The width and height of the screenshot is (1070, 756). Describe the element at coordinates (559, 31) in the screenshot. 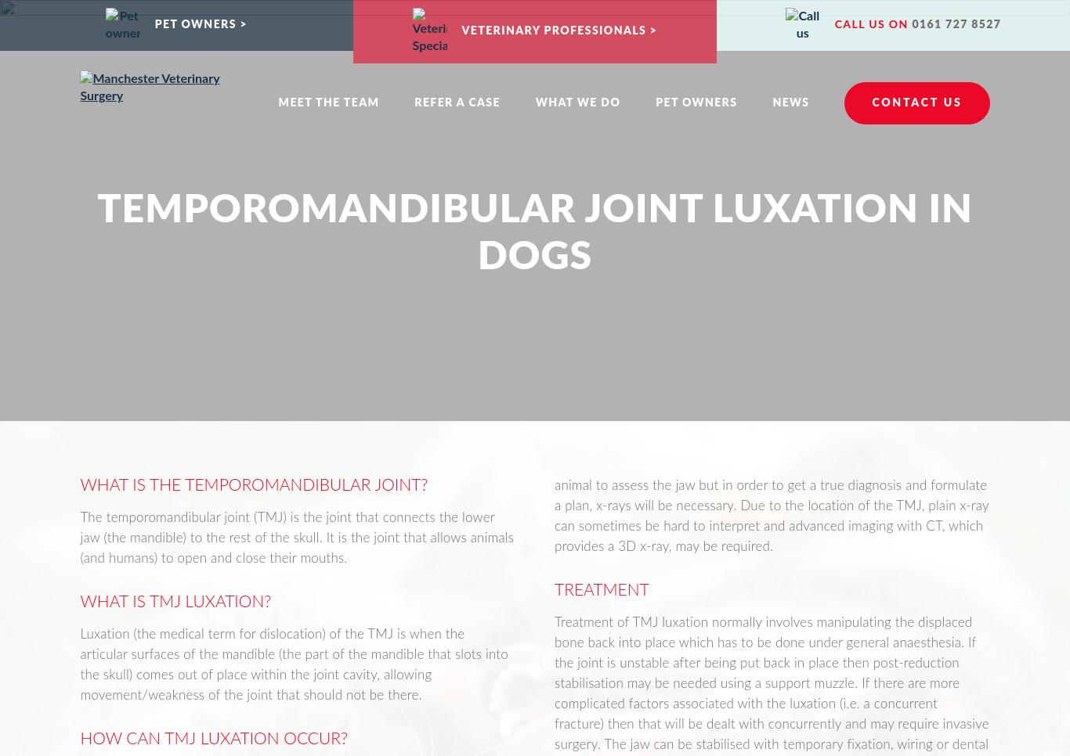

I see `'Veterinary Professionals >'` at that location.